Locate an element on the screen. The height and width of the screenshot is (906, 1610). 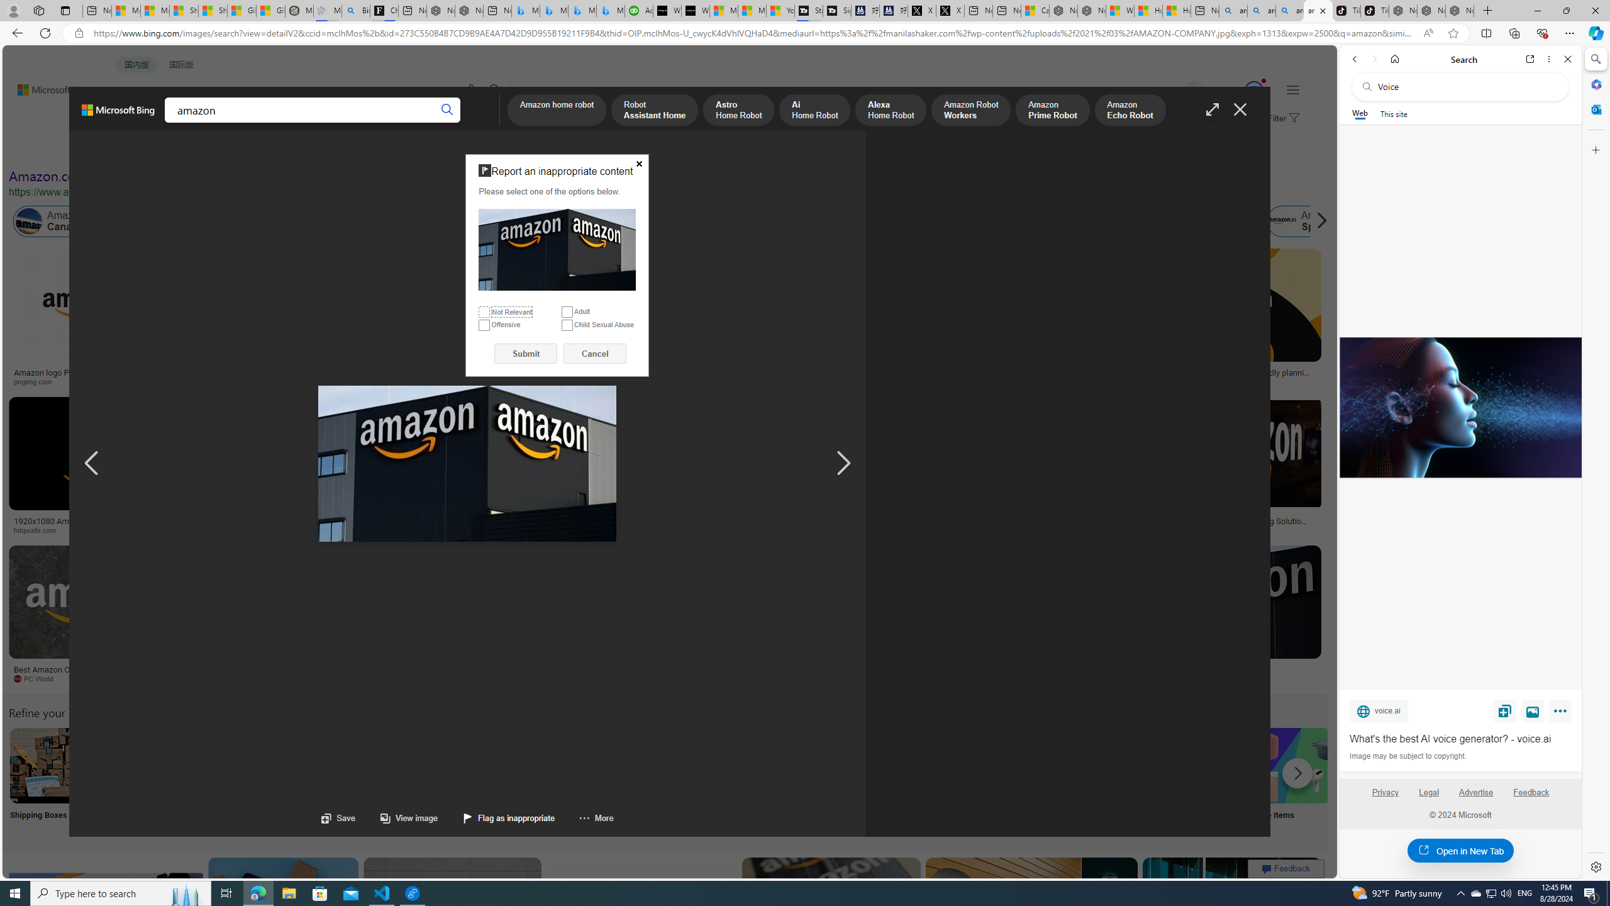
'Type' is located at coordinates (234, 149).